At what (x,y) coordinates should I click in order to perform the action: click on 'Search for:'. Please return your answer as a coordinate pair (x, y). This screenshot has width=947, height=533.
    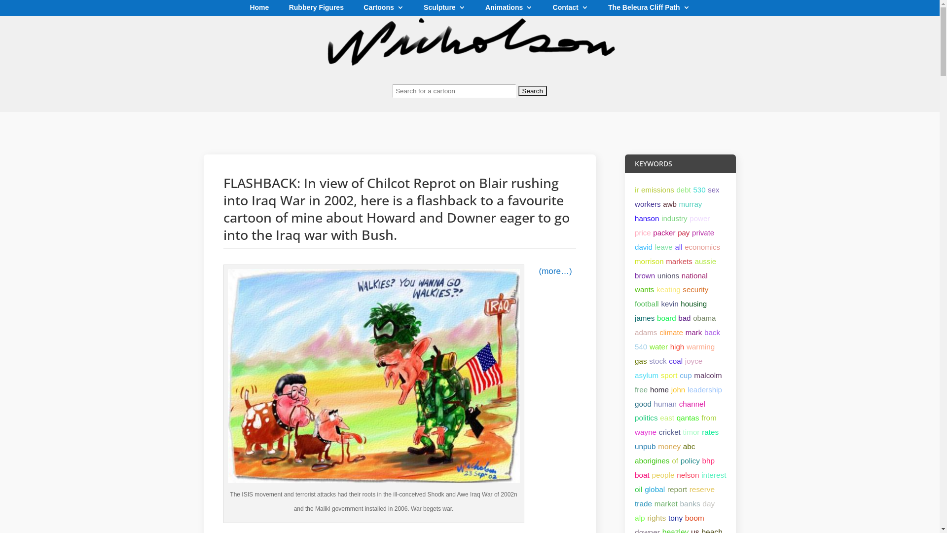
    Looking at the image, I should click on (469, 95).